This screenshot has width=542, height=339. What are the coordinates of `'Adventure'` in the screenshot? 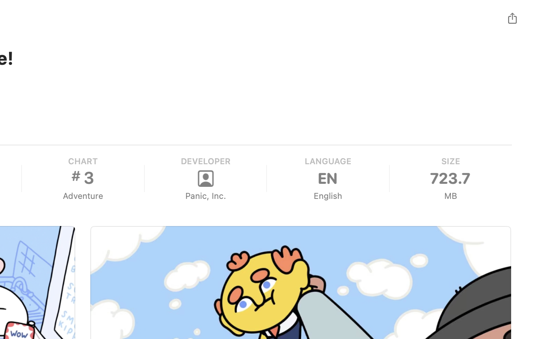 It's located at (83, 195).